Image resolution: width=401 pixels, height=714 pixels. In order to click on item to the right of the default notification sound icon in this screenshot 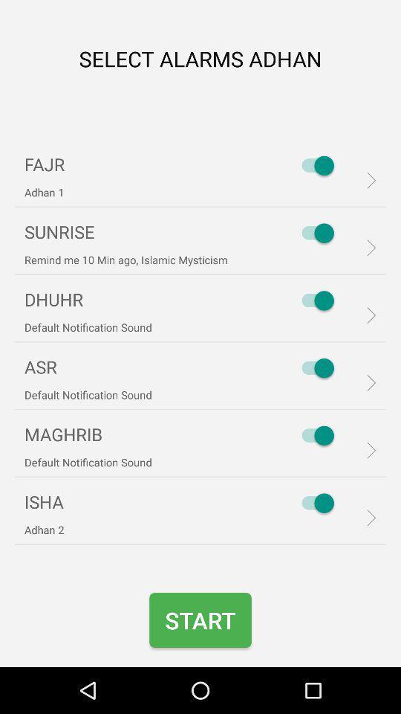, I will do `click(313, 435)`.